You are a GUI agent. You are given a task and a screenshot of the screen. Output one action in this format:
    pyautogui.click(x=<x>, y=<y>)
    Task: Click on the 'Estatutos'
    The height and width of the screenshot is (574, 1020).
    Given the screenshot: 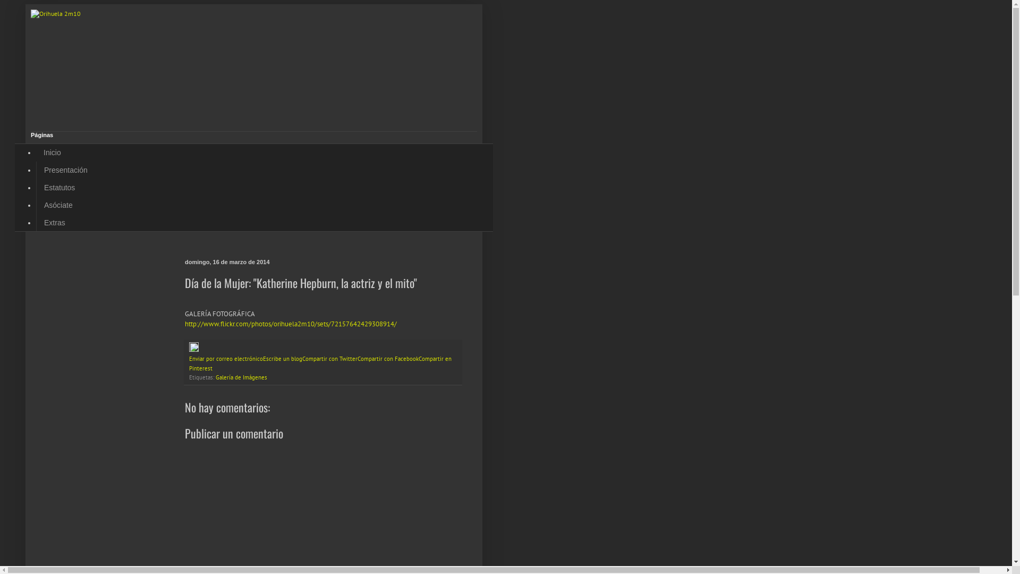 What is the action you would take?
    pyautogui.click(x=58, y=187)
    